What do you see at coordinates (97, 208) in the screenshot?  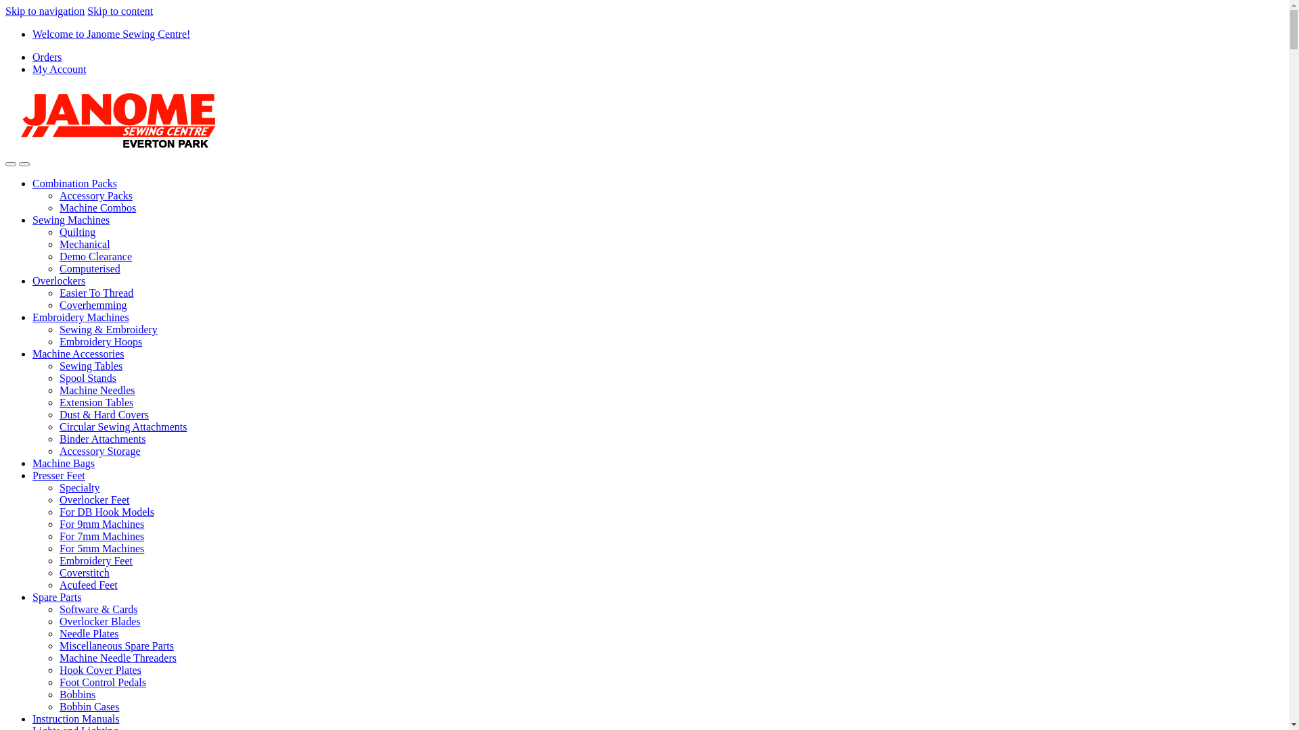 I see `'Machine Combos'` at bounding box center [97, 208].